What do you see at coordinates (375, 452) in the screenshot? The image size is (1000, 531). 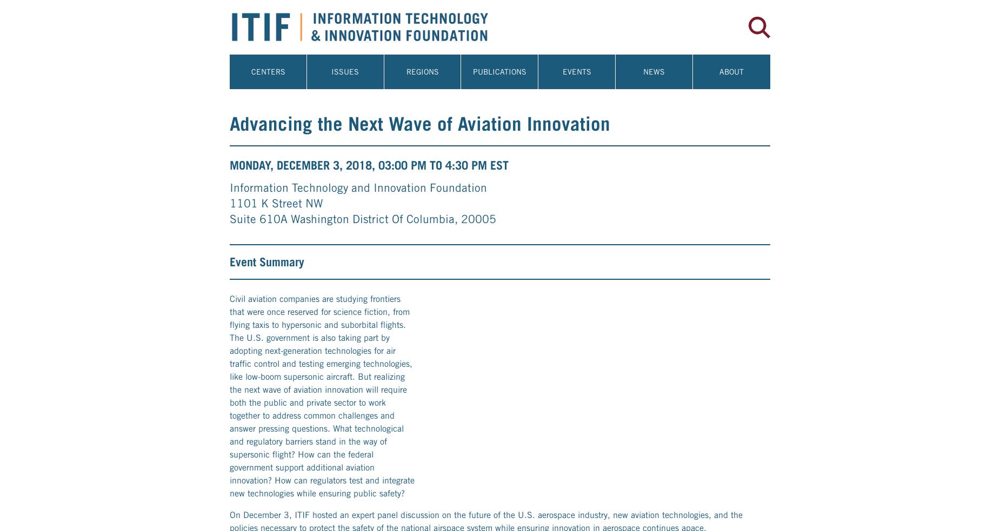 I see `'@AlanMcQuinn'` at bounding box center [375, 452].